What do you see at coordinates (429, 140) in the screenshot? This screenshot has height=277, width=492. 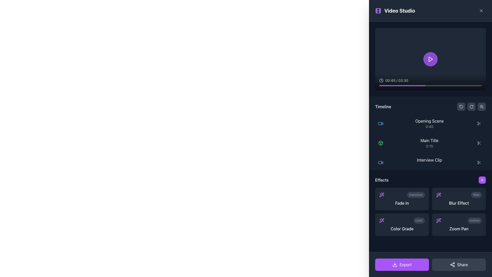 I see `the text label displaying 'Main Title' in white font against a dark background, located in the timeline section, directly to the right of a green cube icon and above the text '0:15'` at bounding box center [429, 140].